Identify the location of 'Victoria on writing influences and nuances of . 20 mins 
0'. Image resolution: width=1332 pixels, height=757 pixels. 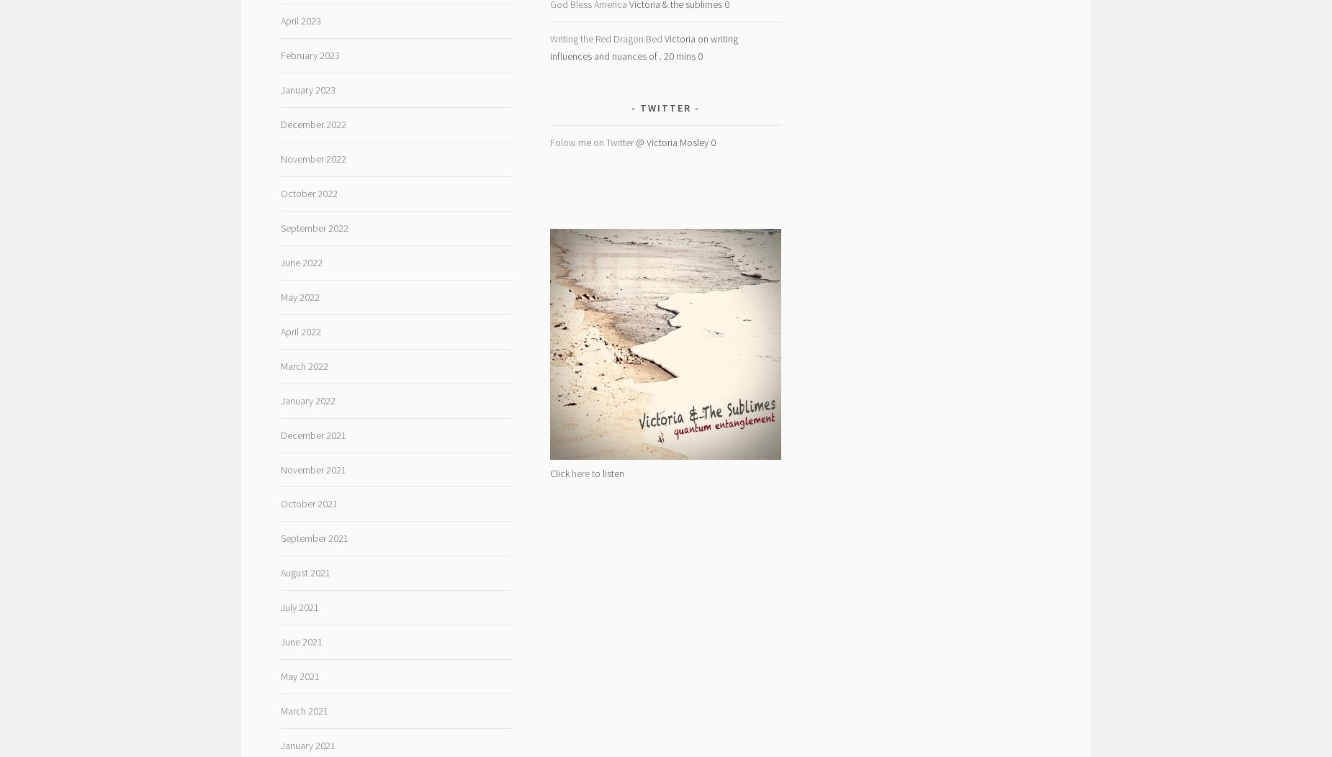
(644, 46).